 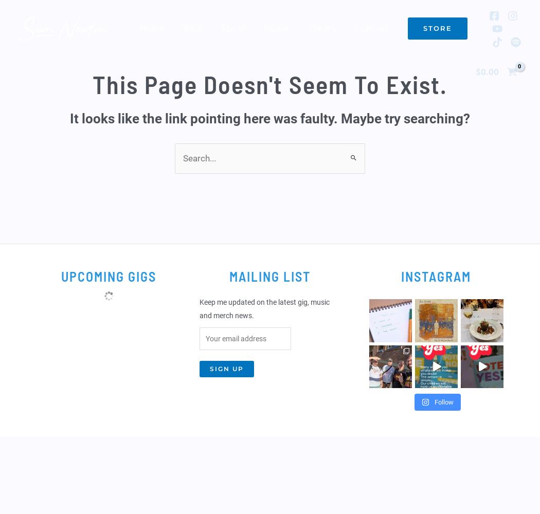 I want to click on 'Music', so click(x=277, y=28).